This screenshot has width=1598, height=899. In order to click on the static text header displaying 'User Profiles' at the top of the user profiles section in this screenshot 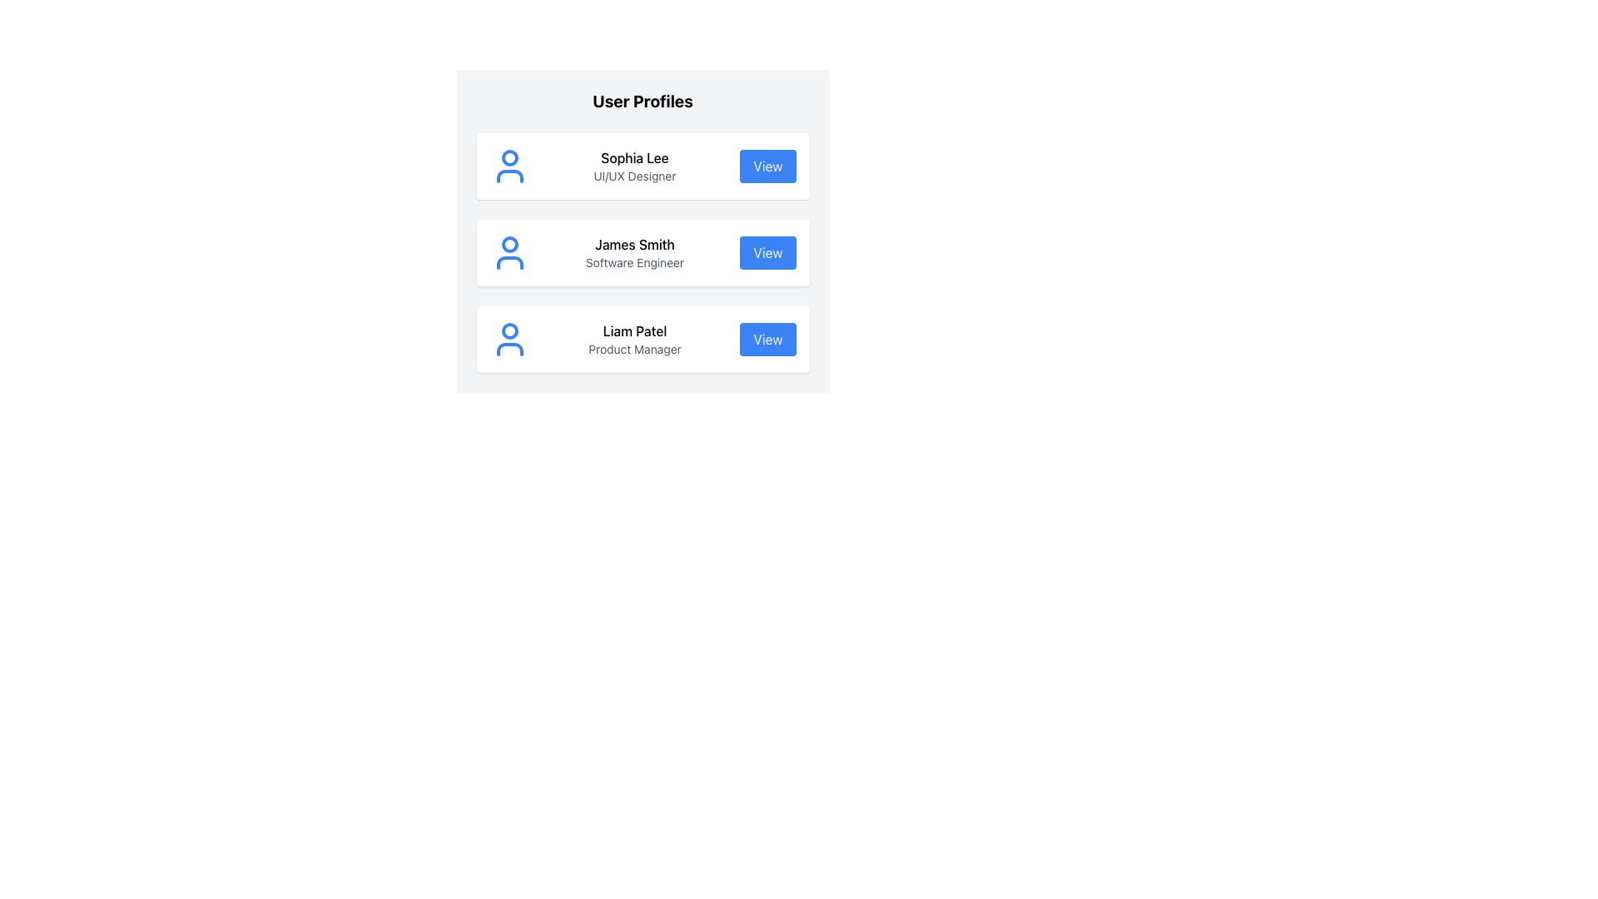, I will do `click(642, 102)`.